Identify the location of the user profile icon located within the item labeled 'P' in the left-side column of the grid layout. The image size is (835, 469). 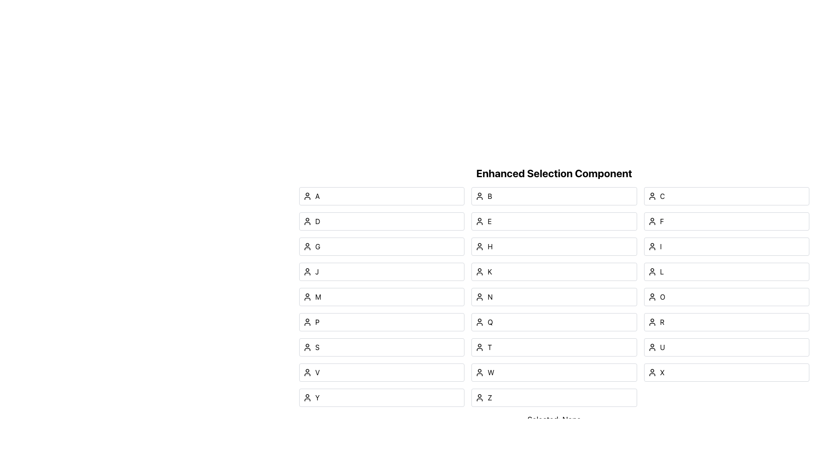
(307, 322).